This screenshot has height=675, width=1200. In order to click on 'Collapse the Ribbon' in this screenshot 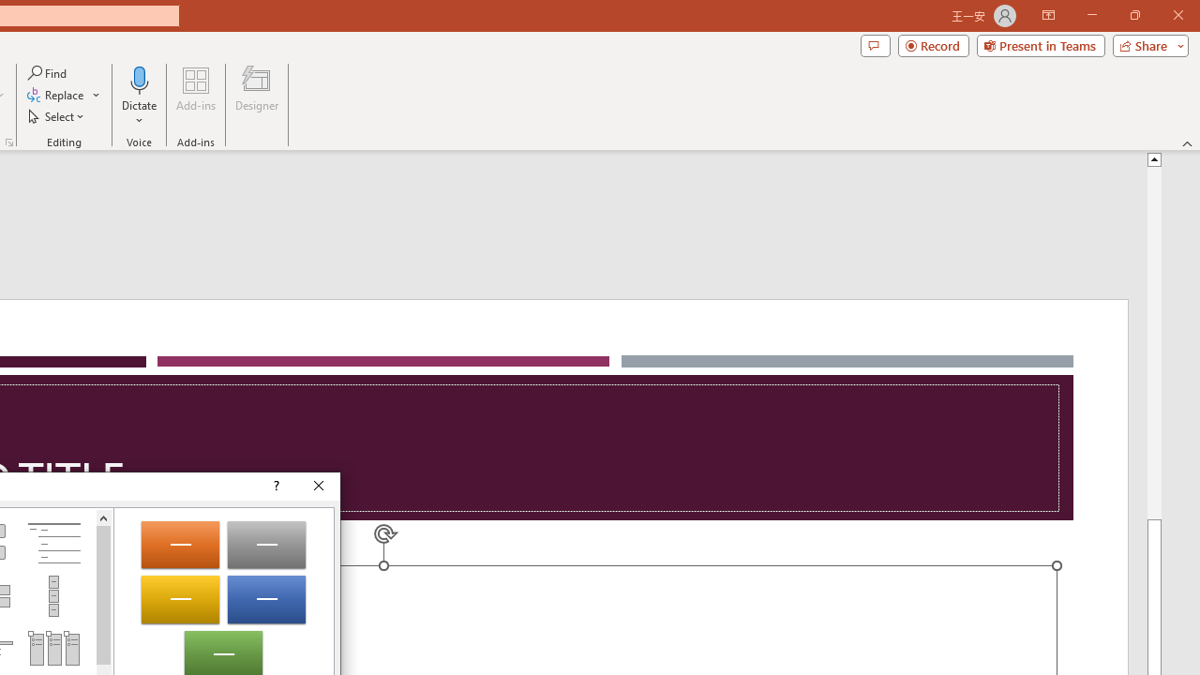, I will do `click(1187, 142)`.